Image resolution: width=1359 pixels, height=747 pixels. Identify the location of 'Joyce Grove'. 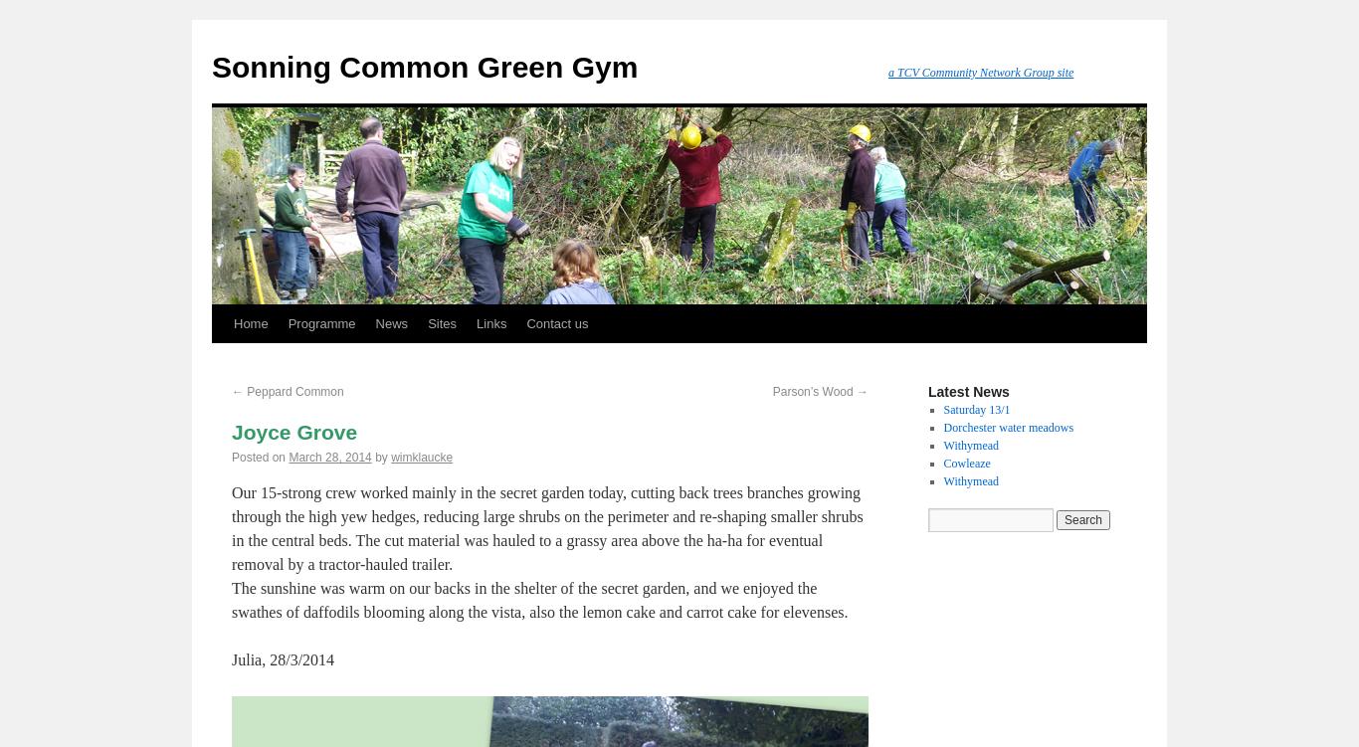
(294, 431).